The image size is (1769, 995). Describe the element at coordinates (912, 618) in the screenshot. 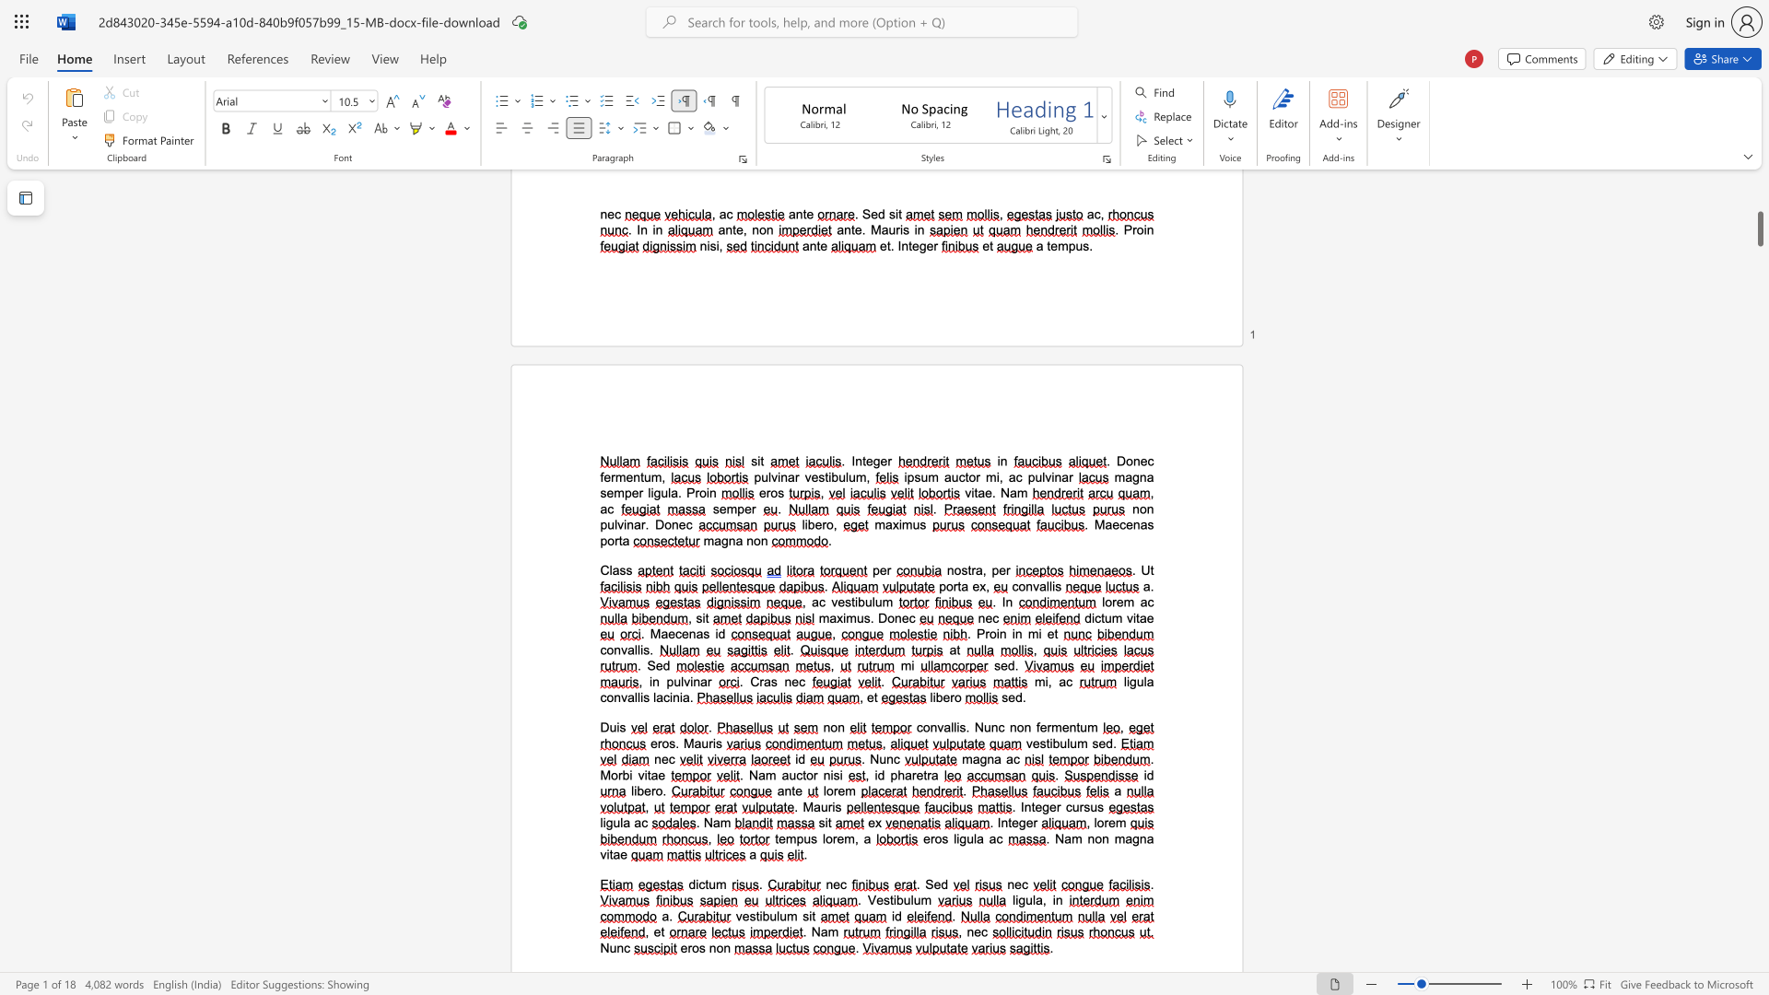

I see `the 1th character "c" in the text` at that location.